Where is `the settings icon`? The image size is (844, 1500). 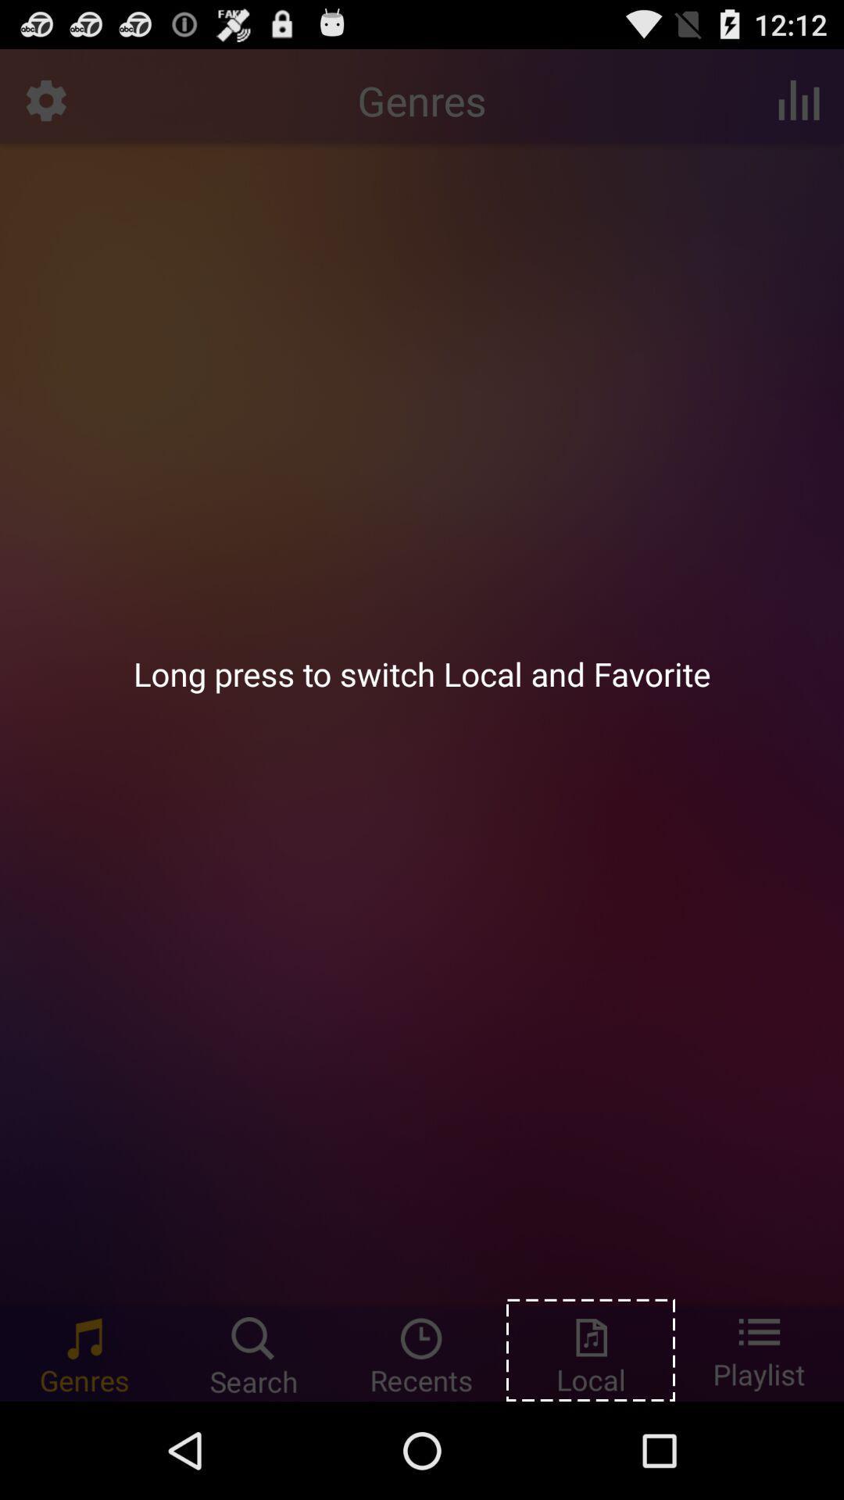
the settings icon is located at coordinates (45, 106).